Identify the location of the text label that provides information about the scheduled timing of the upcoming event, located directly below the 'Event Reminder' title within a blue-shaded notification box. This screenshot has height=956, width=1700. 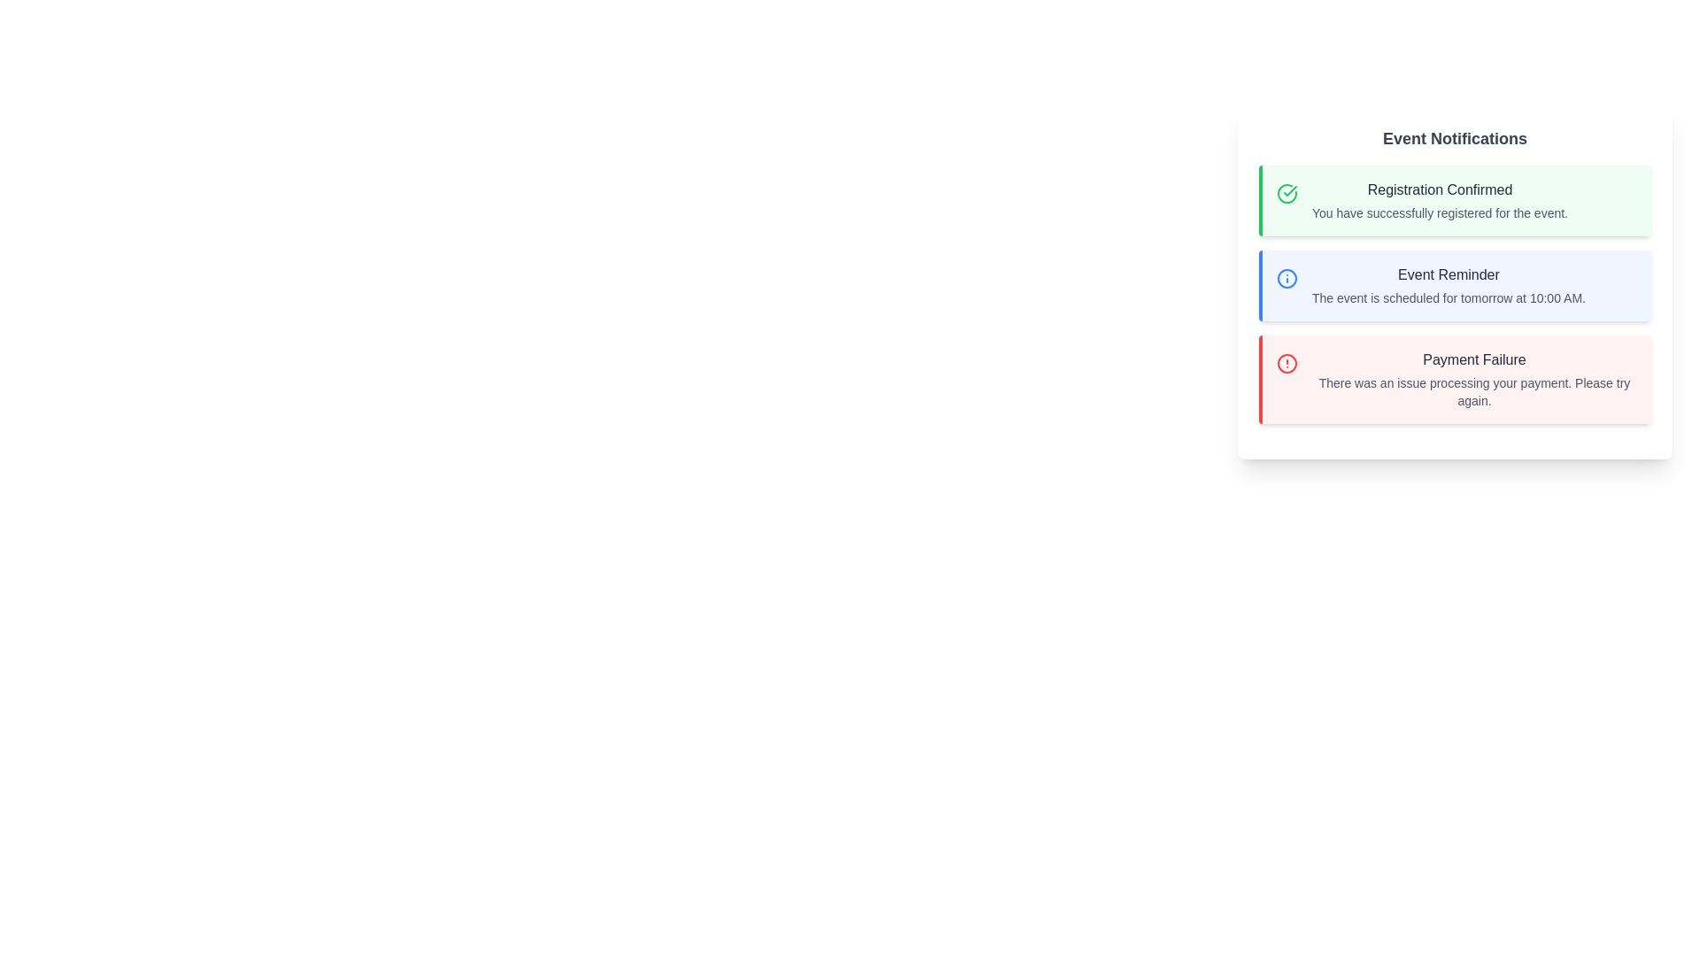
(1449, 297).